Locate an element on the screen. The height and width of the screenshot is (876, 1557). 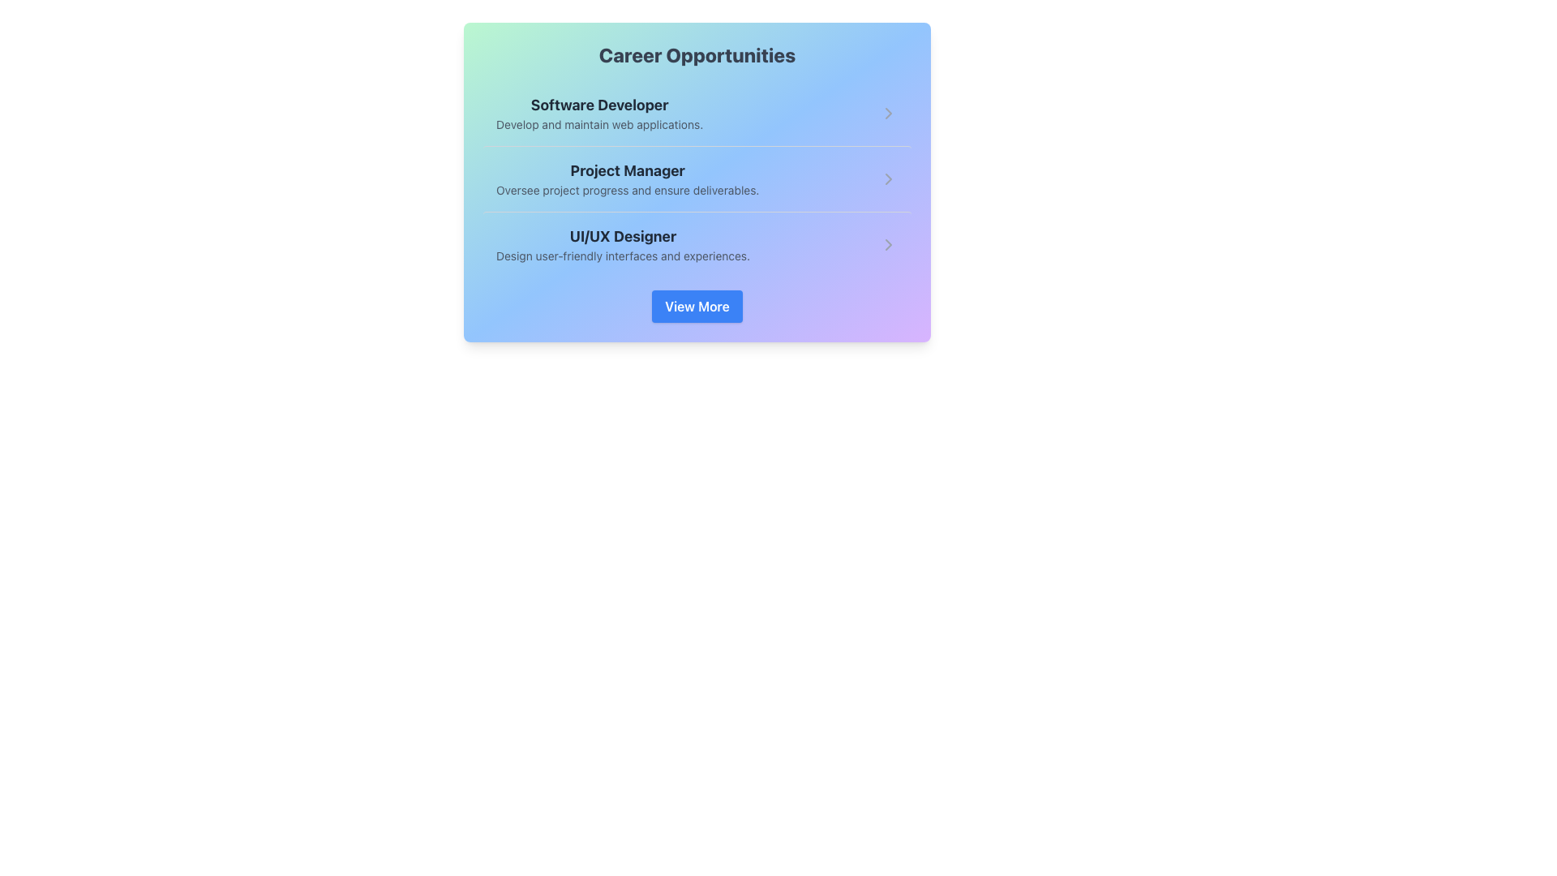
the List Item displaying the job title 'Project Manager' is located at coordinates (697, 178).